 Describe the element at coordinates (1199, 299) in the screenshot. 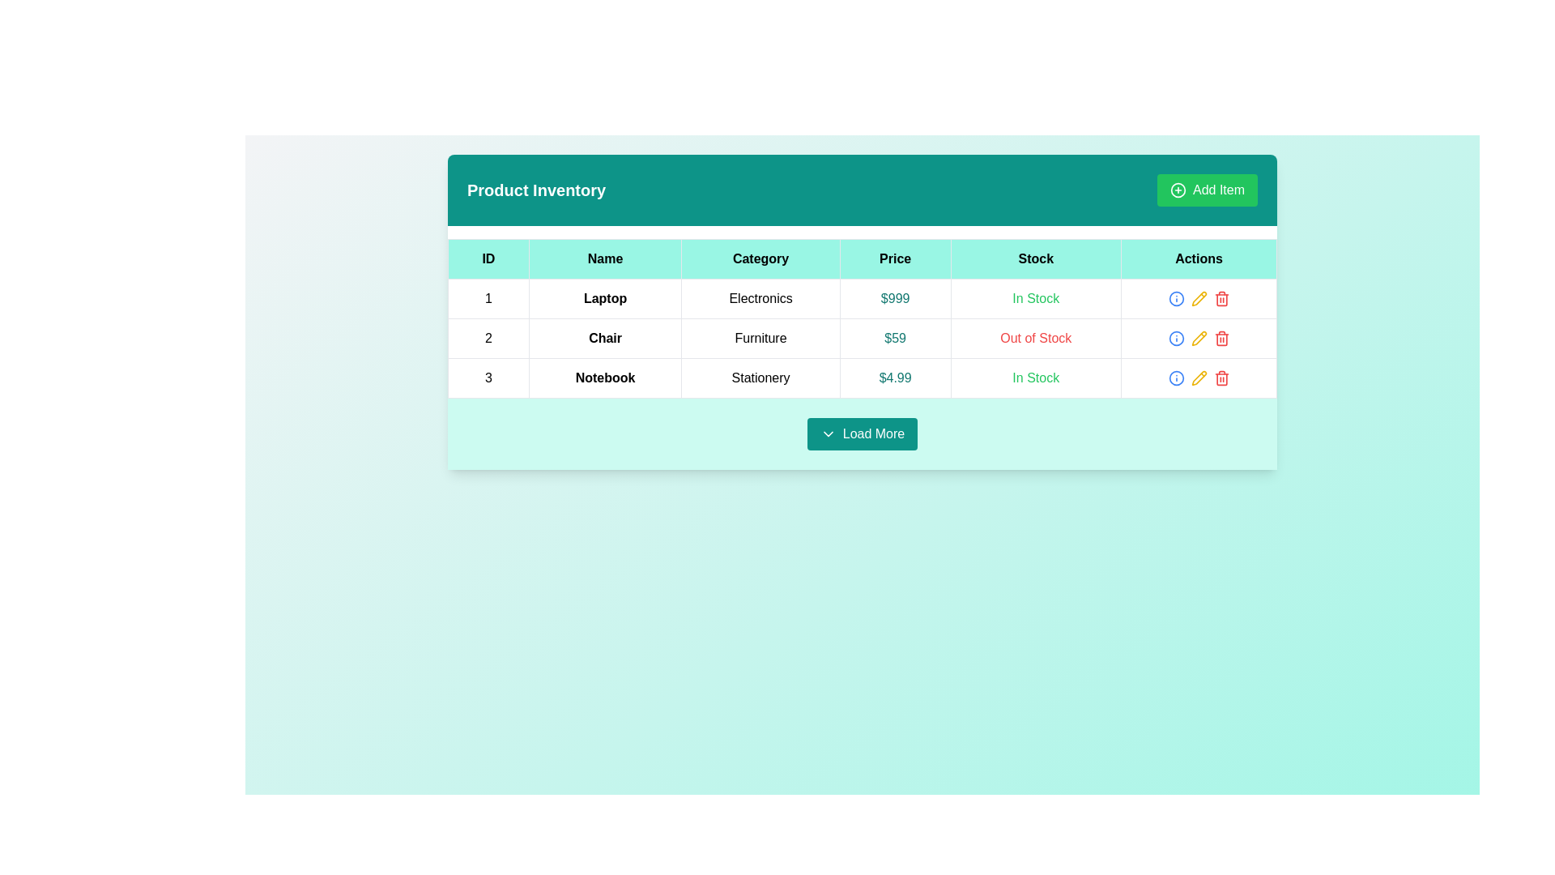

I see `the pencil-shaped icon with a yellow stroke and white fill located in the third row of the 'Actions' column` at that location.